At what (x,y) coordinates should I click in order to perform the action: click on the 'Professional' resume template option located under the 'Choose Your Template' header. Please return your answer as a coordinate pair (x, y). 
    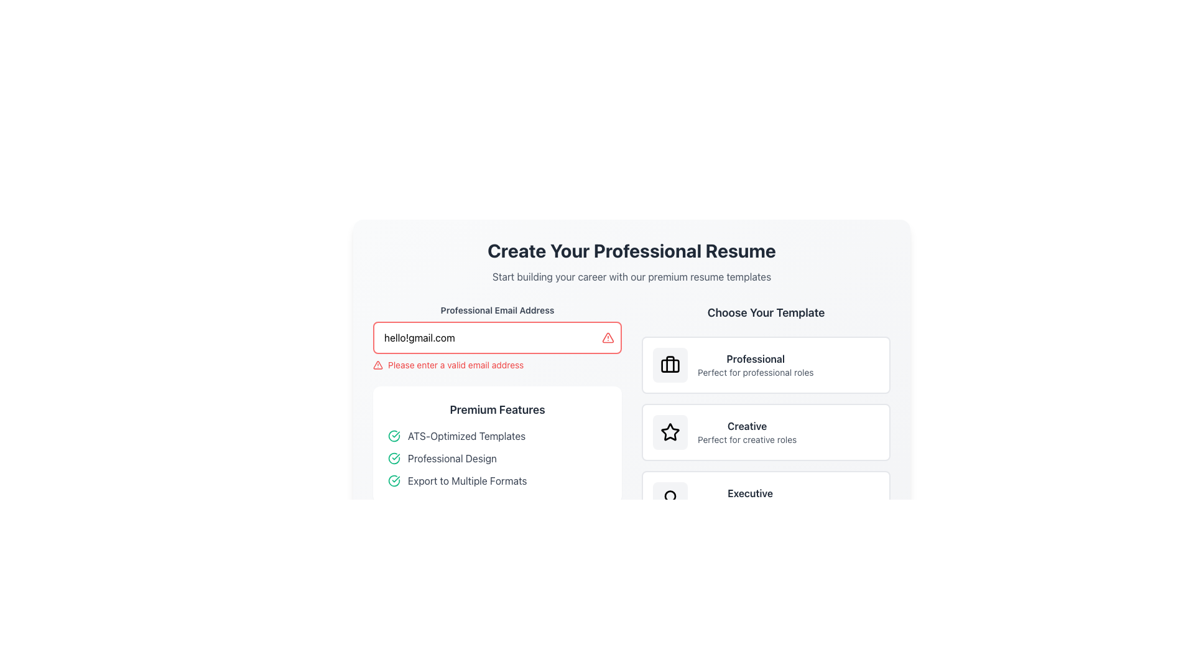
    Looking at the image, I should click on (755, 364).